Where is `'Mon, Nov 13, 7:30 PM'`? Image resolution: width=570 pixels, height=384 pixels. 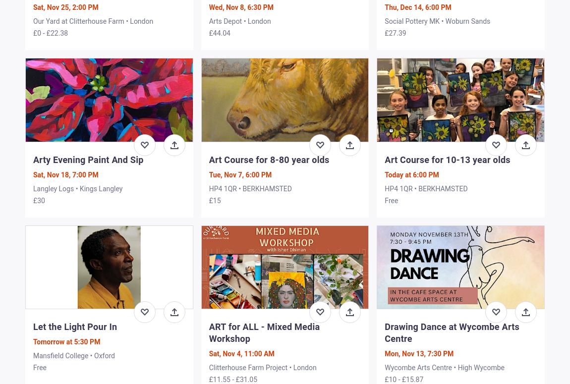
'Mon, Nov 13, 7:30 PM' is located at coordinates (418, 353).